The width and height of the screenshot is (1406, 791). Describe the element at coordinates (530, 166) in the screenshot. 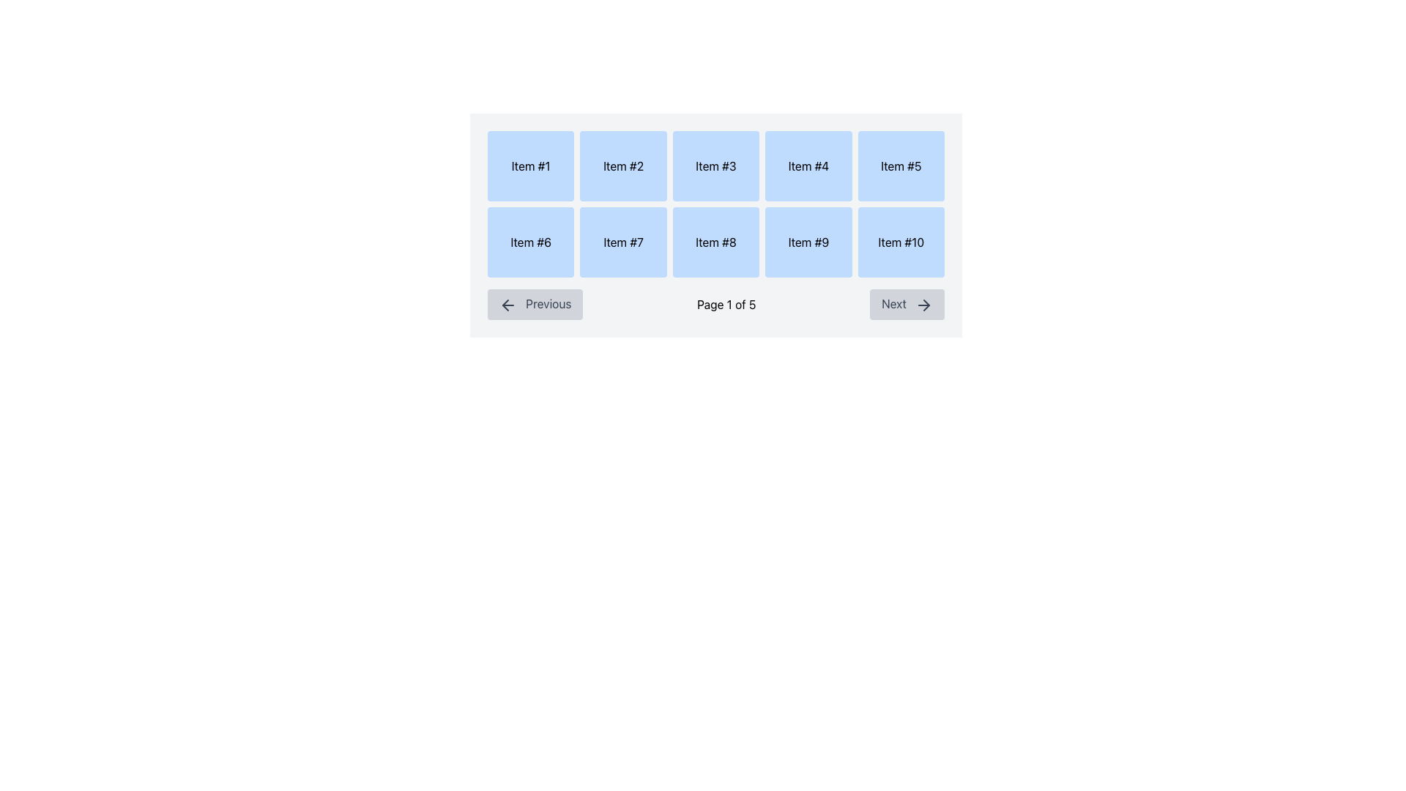

I see `the grid item labeled 'Item #1', which is the first rectangular box with rounded corners and a light blue background, positioned at the top-left corner of the grid layout` at that location.